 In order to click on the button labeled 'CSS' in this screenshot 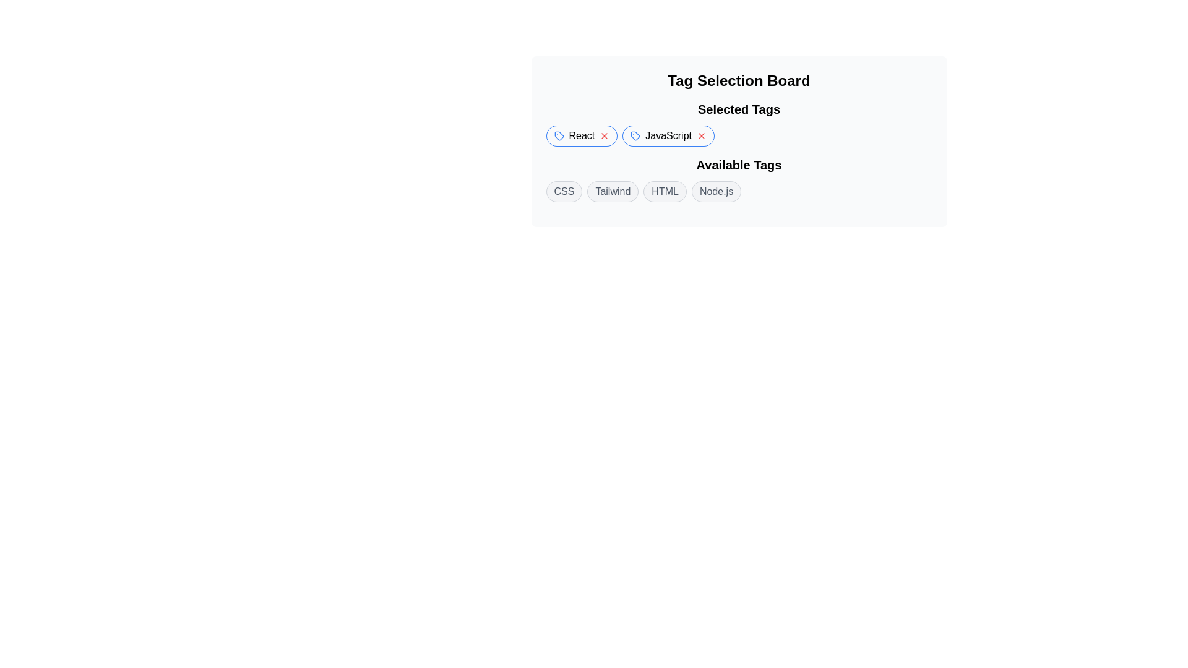, I will do `click(564, 191)`.